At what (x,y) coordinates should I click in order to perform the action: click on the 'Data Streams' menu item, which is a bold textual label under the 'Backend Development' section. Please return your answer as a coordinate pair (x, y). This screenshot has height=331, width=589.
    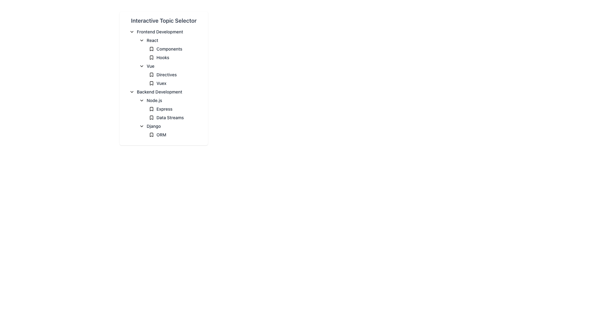
    Looking at the image, I should click on (166, 113).